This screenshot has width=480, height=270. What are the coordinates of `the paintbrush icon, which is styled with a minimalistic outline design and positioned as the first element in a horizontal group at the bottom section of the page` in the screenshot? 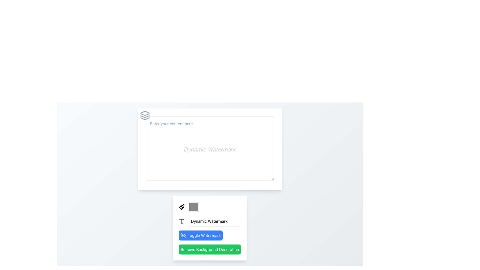 It's located at (181, 207).